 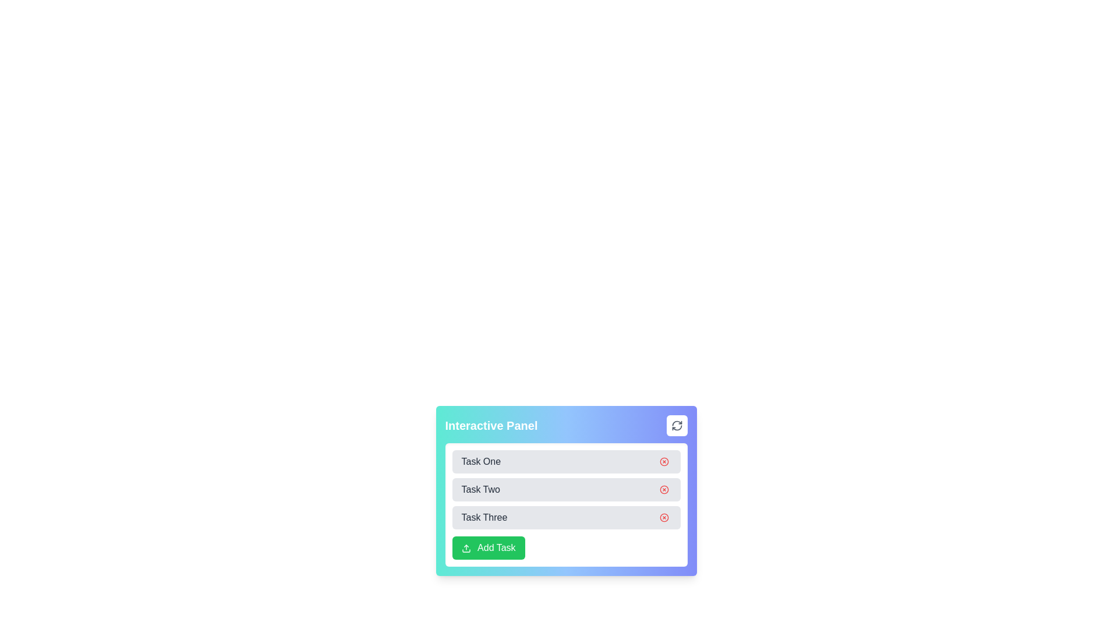 What do you see at coordinates (481, 461) in the screenshot?
I see `the text label for the first task in the task management list, which serves as a title or label and is located in the upper left part of the first row` at bounding box center [481, 461].